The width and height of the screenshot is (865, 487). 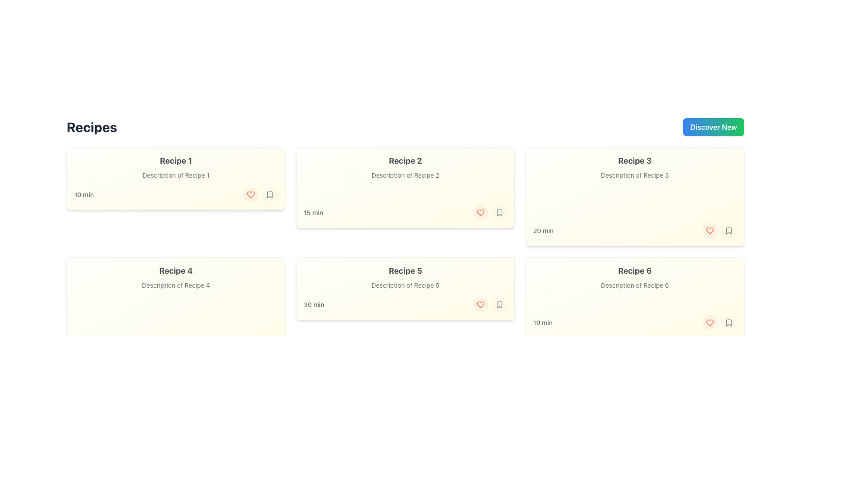 What do you see at coordinates (728, 322) in the screenshot?
I see `the bookmark icon located at the bottom right corner of the 'Recipe 6' card` at bounding box center [728, 322].